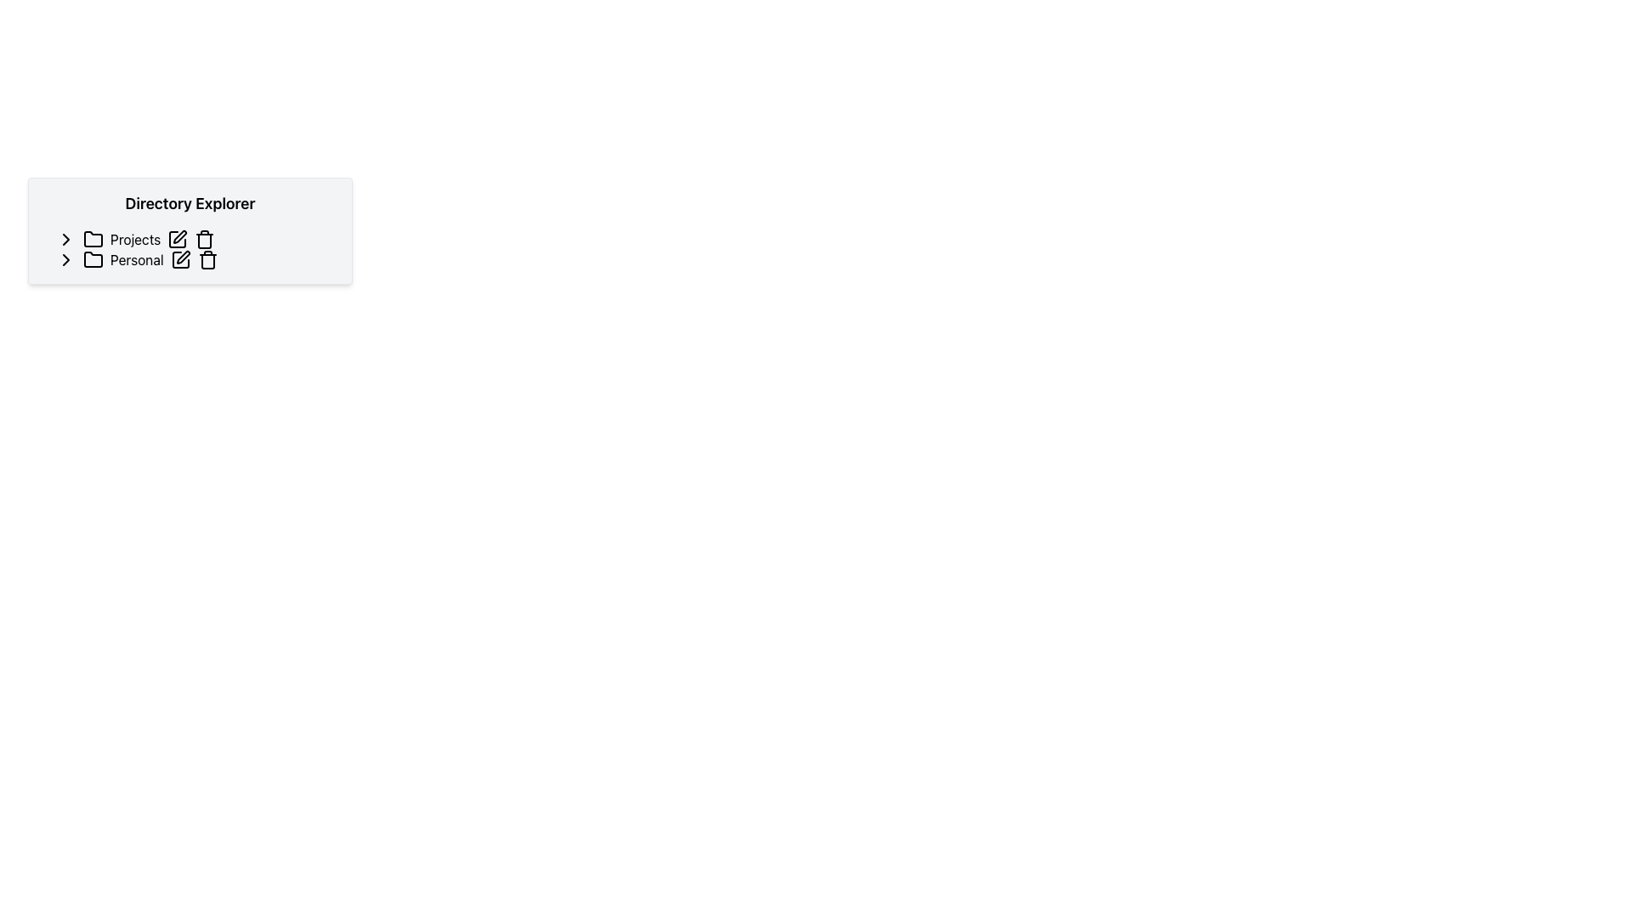 This screenshot has height=918, width=1632. I want to click on the group of interactive icons for managing the 'Projects' directory, so click(191, 239).